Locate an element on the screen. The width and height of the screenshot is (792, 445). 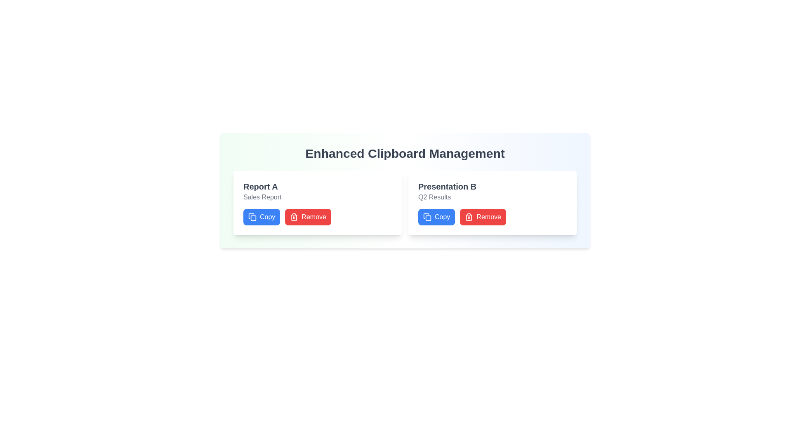
the delete button located at the bottom-right corner of the 'Presentation B' card is located at coordinates (483, 217).